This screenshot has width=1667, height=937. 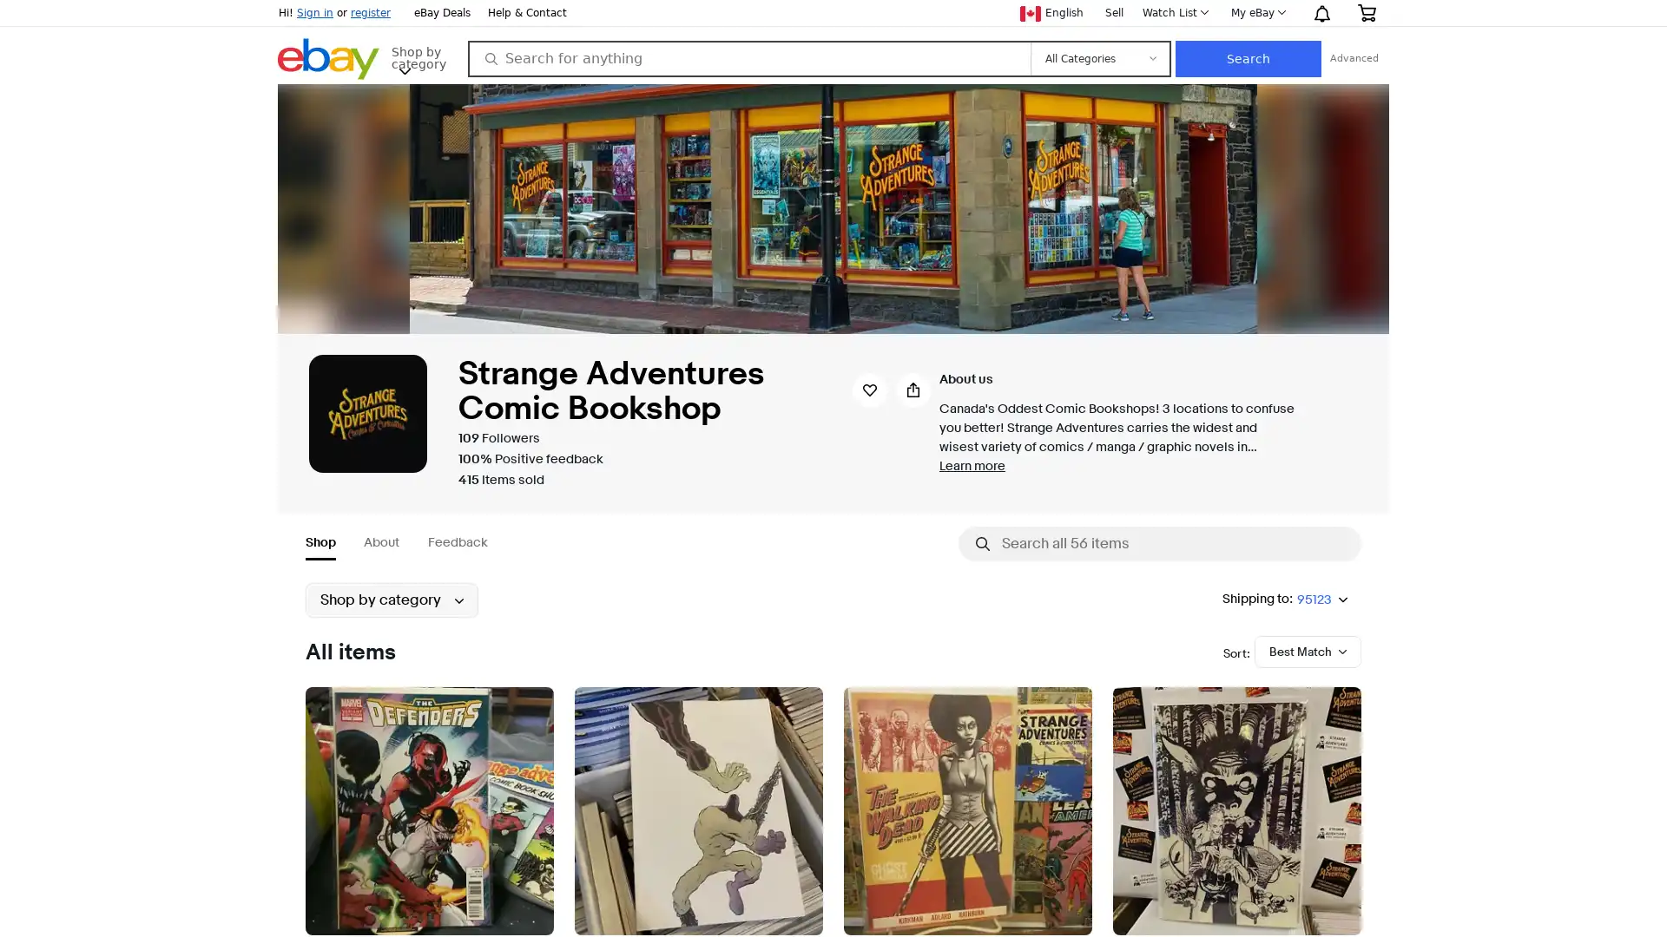 I want to click on Shipping to:95123, so click(x=1284, y=598).